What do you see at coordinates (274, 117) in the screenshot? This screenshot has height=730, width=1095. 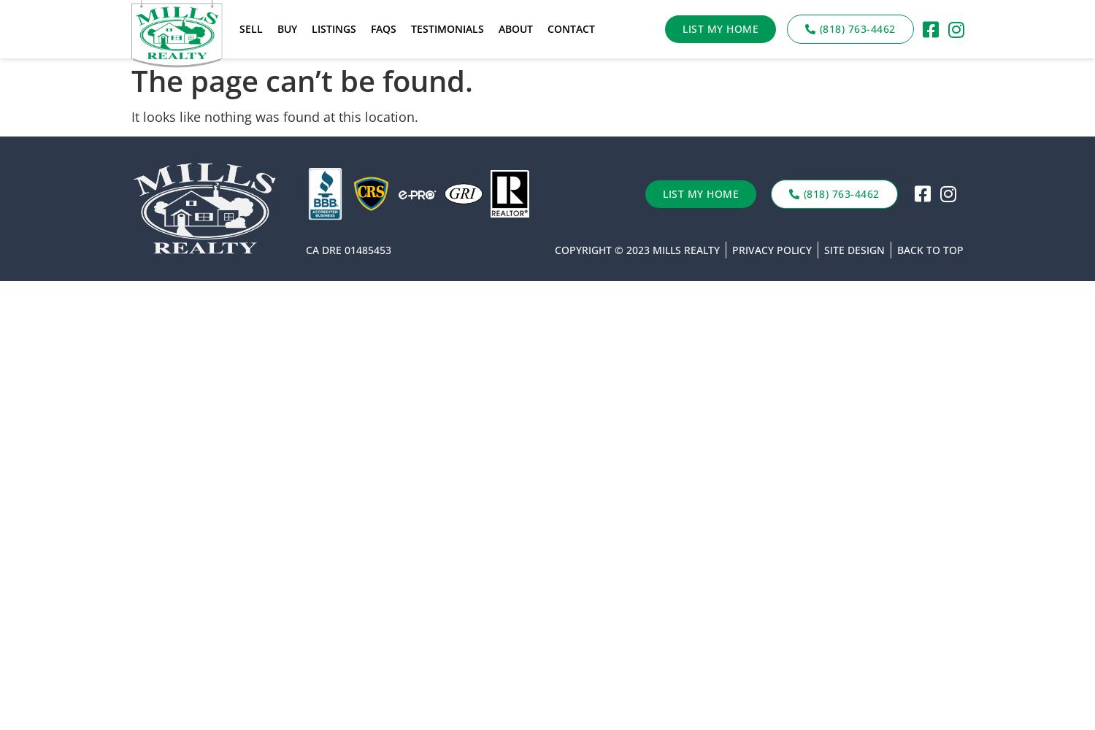 I see `'It looks like nothing was found at this location.'` at bounding box center [274, 117].